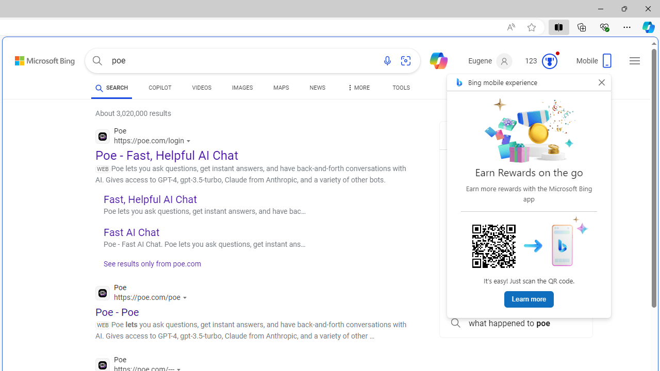  I want to click on 'VIDEOS', so click(202, 89).